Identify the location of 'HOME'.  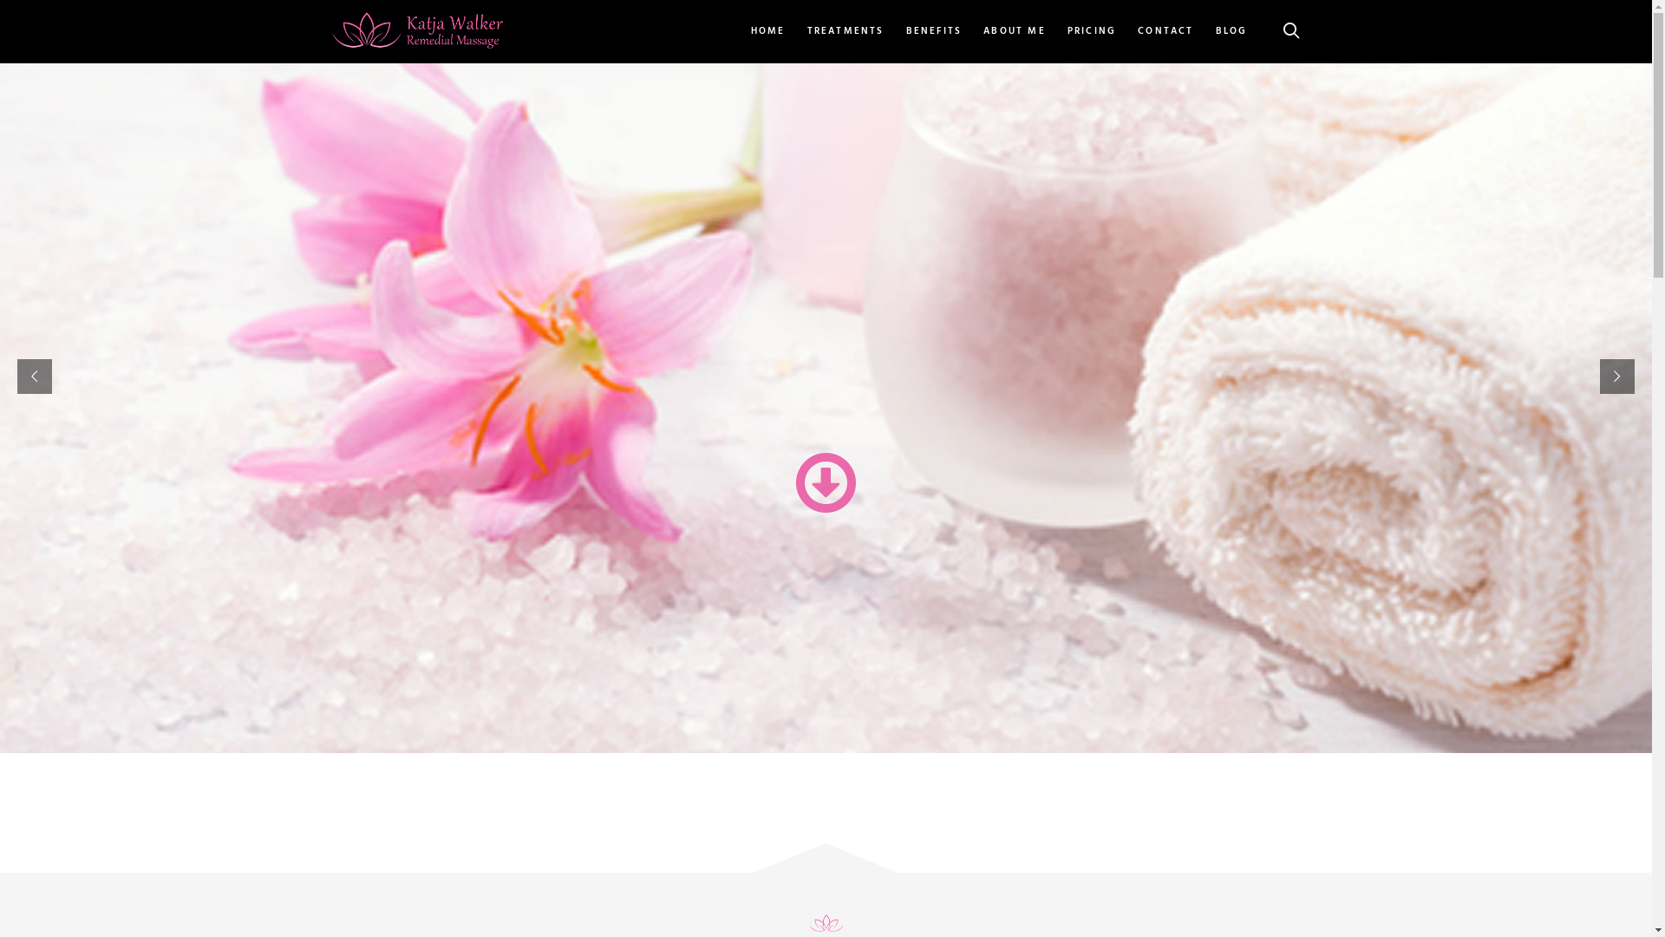
(772, 31).